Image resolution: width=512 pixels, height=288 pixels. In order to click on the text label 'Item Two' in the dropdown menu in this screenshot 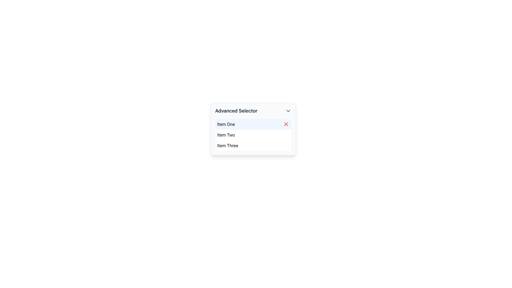, I will do `click(226, 134)`.